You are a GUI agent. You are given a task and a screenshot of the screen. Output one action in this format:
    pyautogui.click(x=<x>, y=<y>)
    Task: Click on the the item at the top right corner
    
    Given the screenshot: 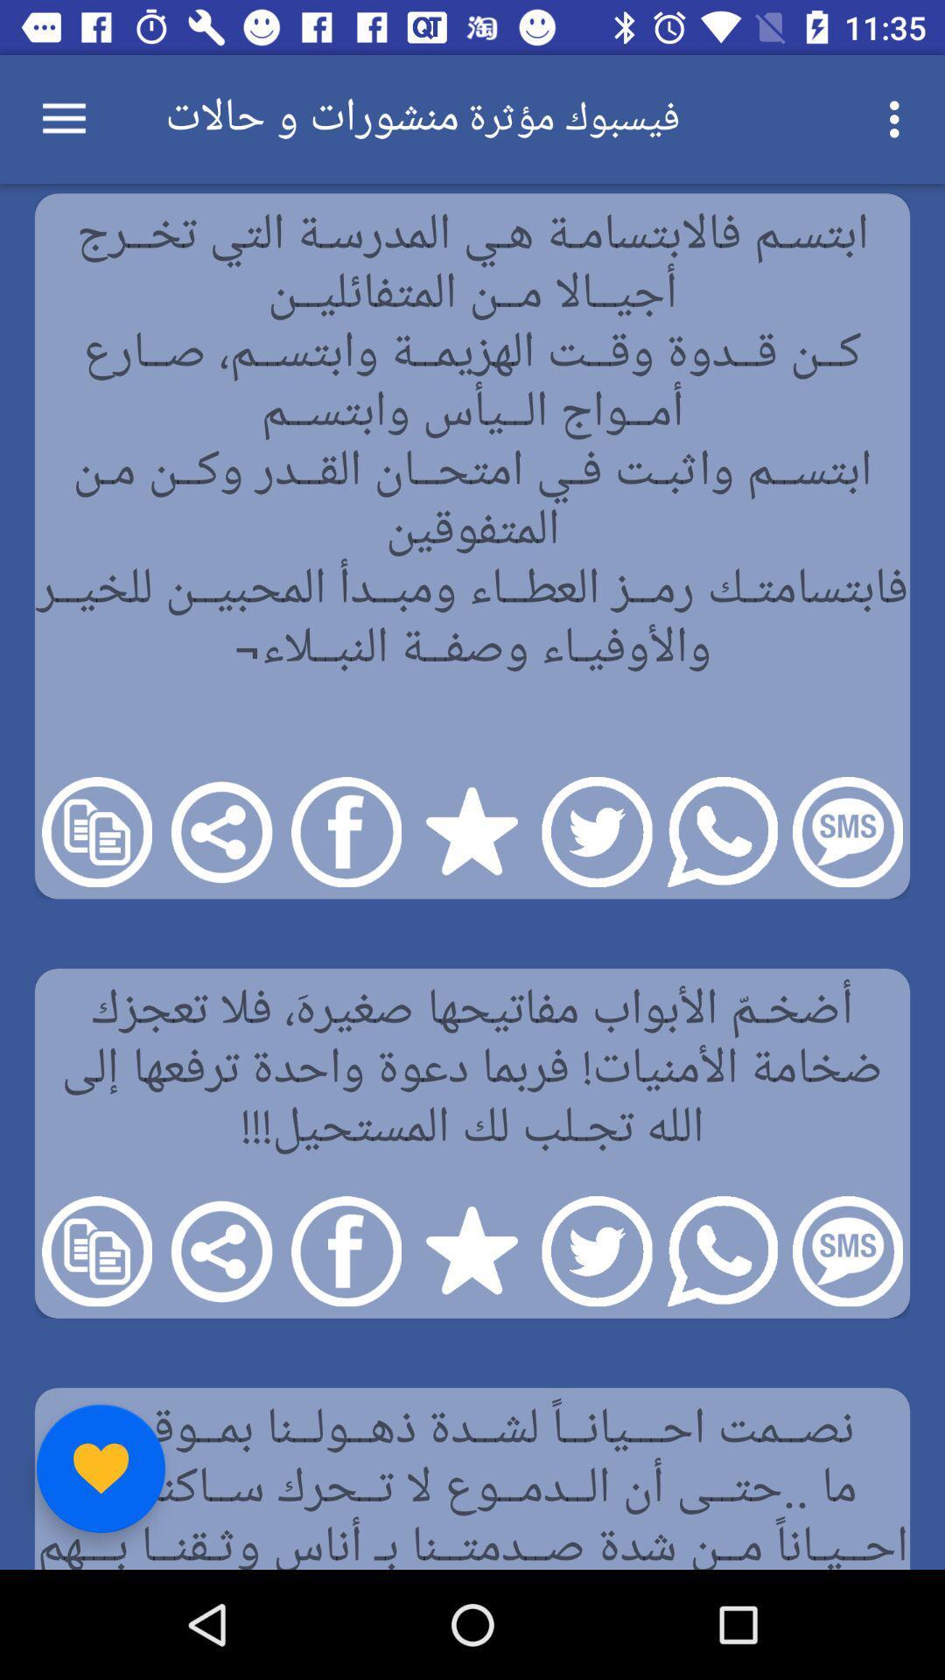 What is the action you would take?
    pyautogui.click(x=899, y=118)
    